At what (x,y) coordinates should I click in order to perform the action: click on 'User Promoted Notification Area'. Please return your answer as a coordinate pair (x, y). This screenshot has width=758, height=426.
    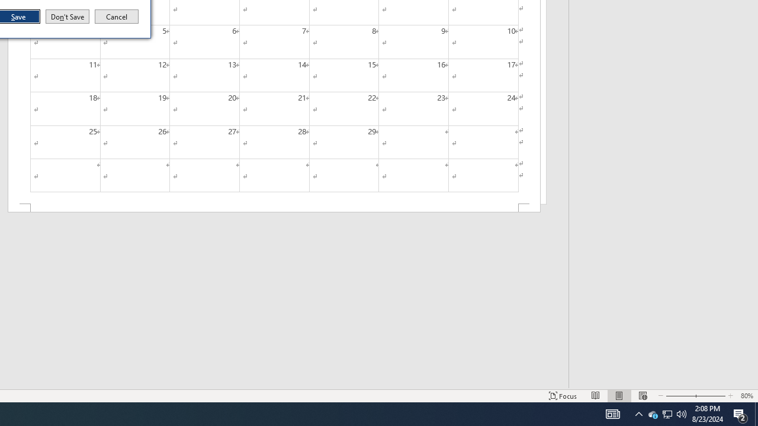
    Looking at the image, I should click on (667, 413).